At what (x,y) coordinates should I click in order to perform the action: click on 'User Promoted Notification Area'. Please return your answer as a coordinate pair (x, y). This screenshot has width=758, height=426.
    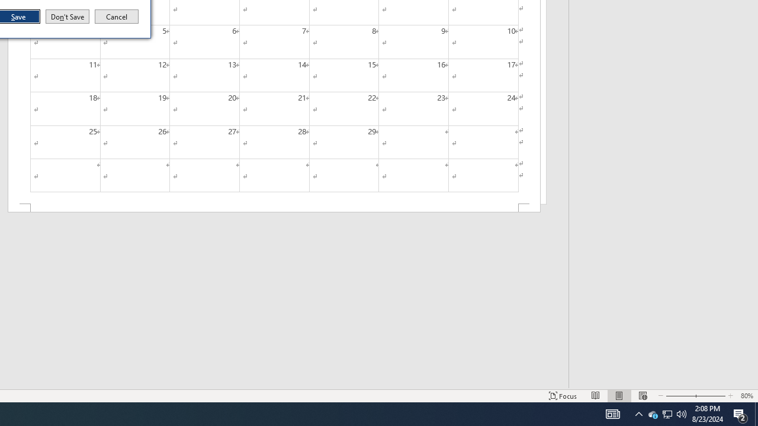
    Looking at the image, I should click on (667, 413).